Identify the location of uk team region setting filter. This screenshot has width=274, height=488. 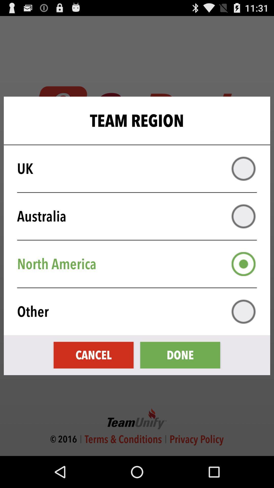
(243, 169).